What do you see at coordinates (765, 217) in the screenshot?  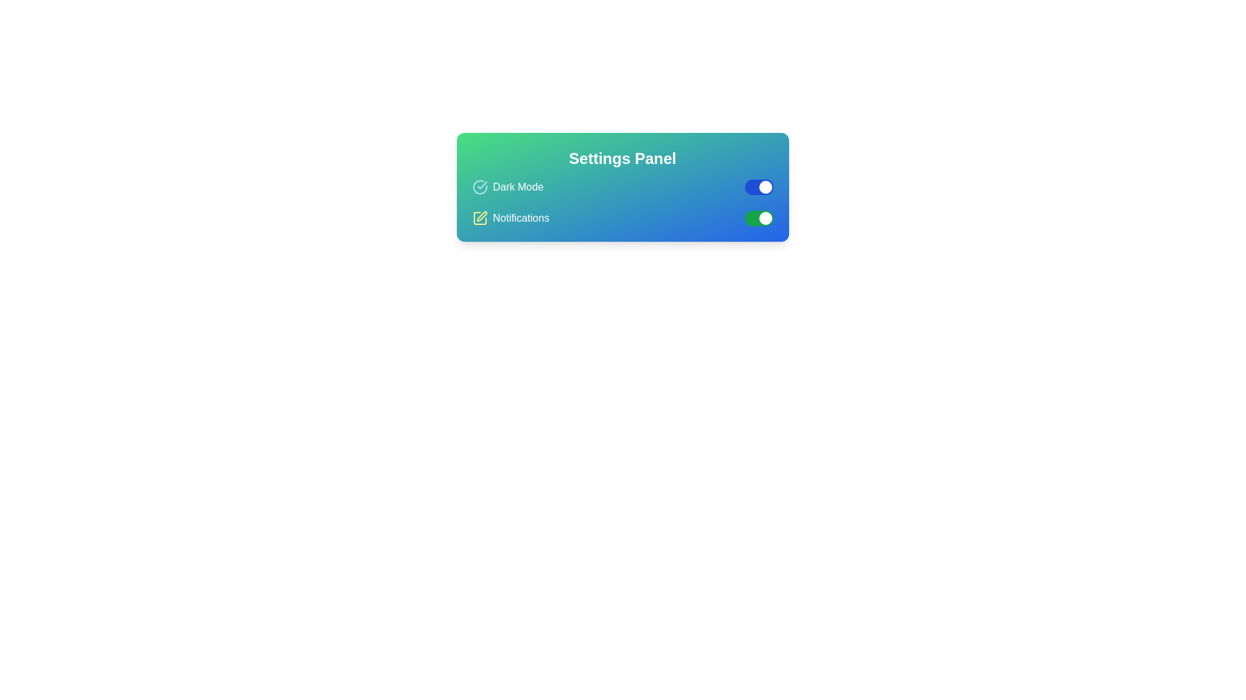 I see `the toggle switch thumb for the 'Notifications' option to change its position` at bounding box center [765, 217].